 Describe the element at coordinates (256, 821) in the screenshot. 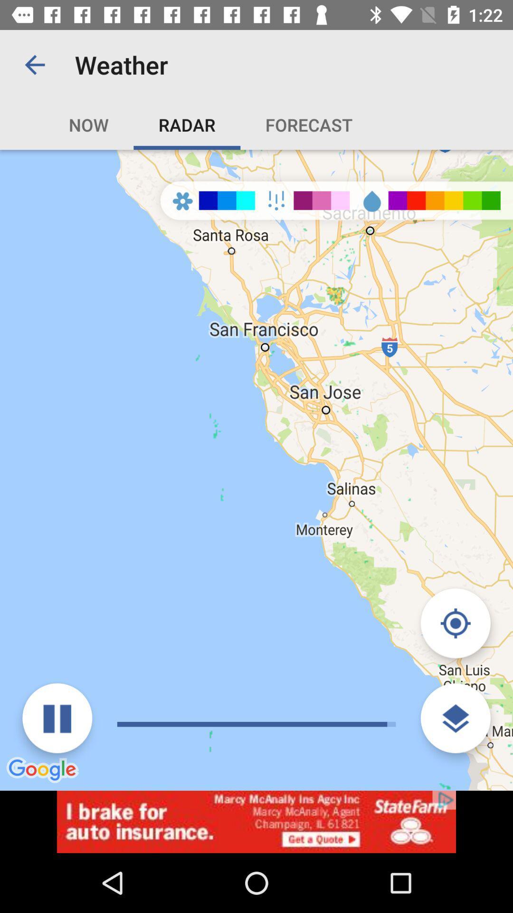

I see `visit the advertisement site` at that location.